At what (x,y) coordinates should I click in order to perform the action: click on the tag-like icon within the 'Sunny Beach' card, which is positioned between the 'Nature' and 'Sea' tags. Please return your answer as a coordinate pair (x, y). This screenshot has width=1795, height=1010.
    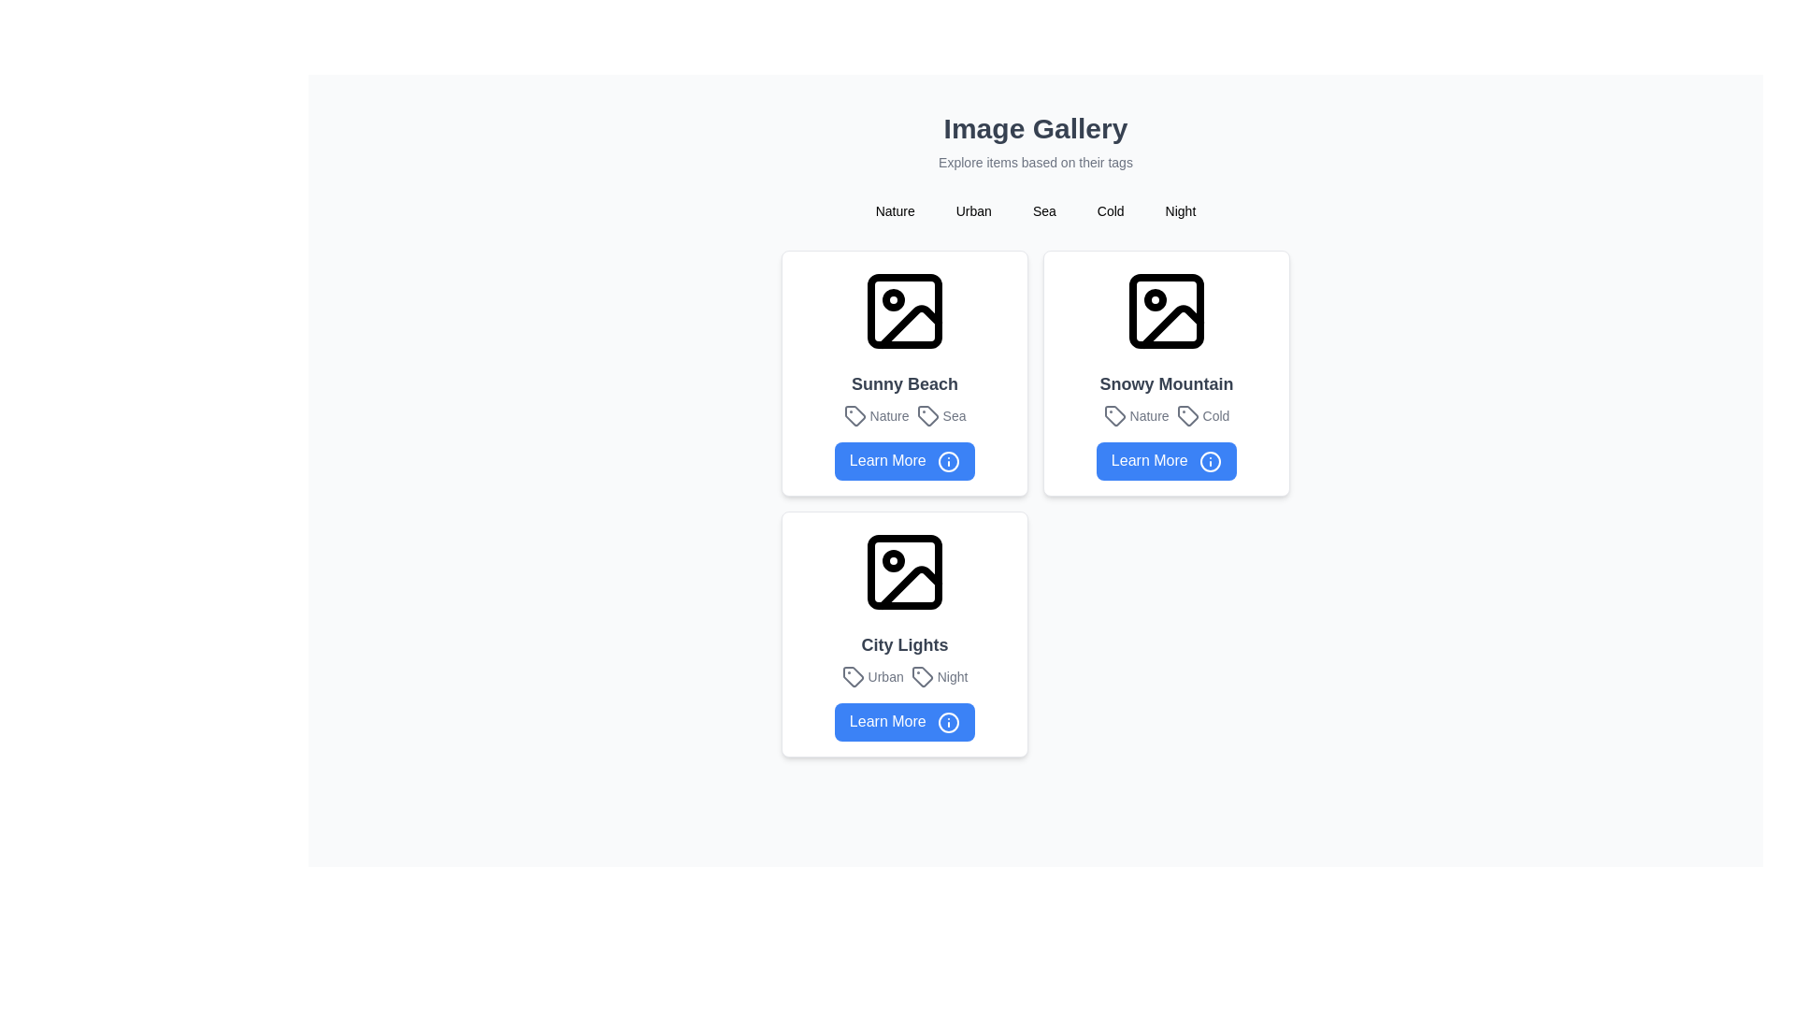
    Looking at the image, I should click on (854, 414).